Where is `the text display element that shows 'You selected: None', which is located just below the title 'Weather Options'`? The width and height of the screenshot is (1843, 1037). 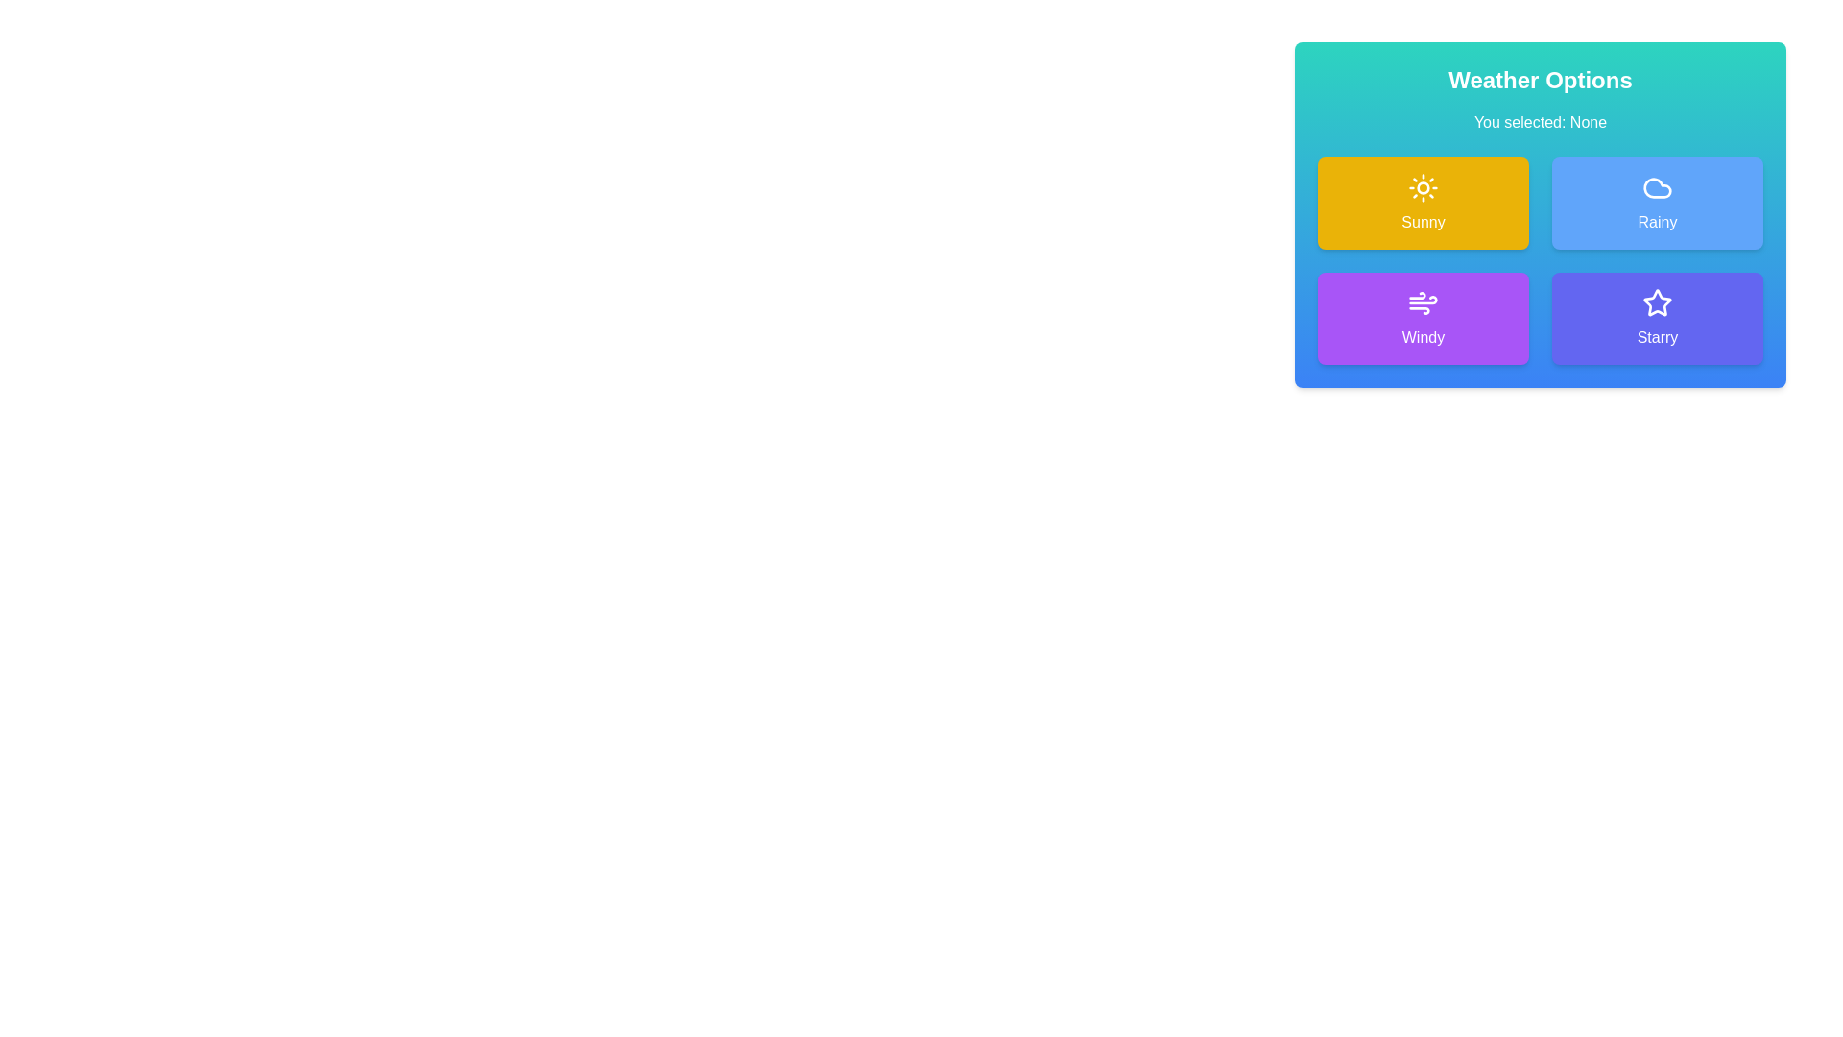 the text display element that shows 'You selected: None', which is located just below the title 'Weather Options' is located at coordinates (1540, 122).